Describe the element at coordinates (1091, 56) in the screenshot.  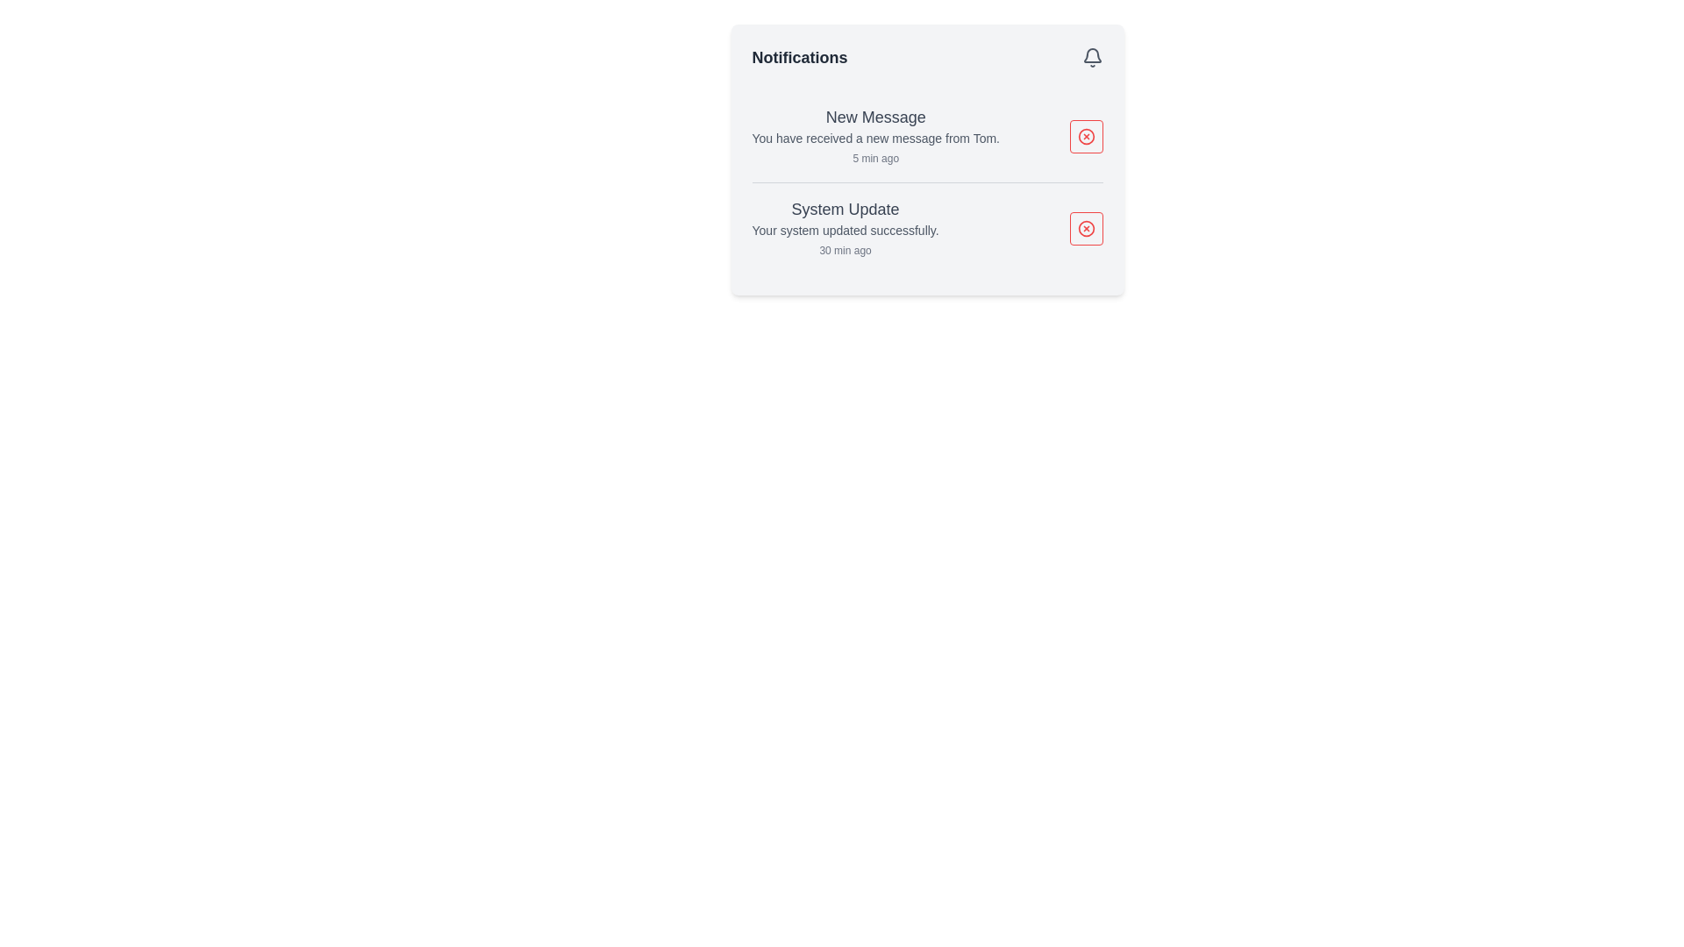
I see `the bell icon in the top-right corner of the notifications card` at that location.